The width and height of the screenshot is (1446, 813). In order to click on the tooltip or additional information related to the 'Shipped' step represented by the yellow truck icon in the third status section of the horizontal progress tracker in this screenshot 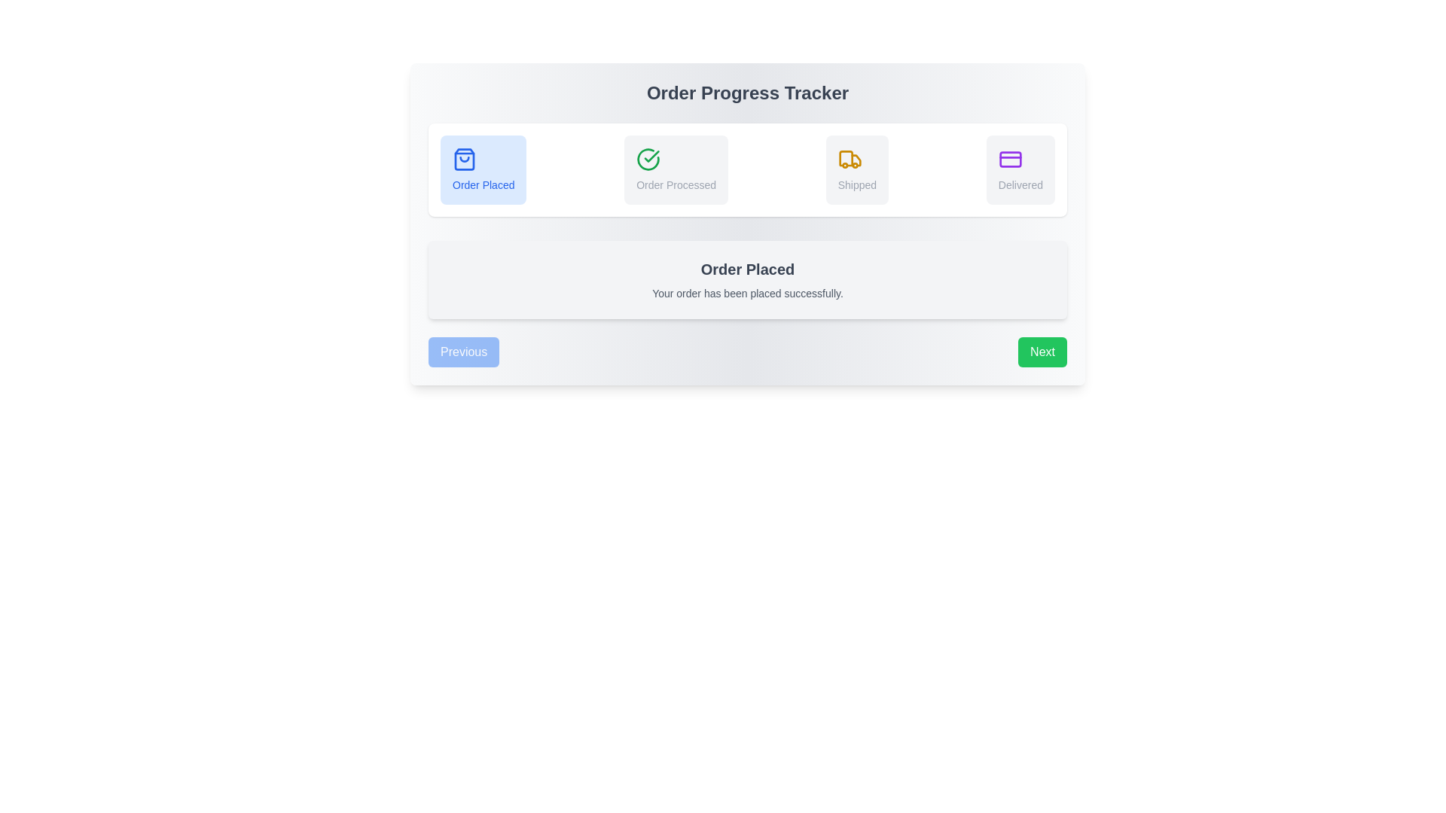, I will do `click(846, 158)`.